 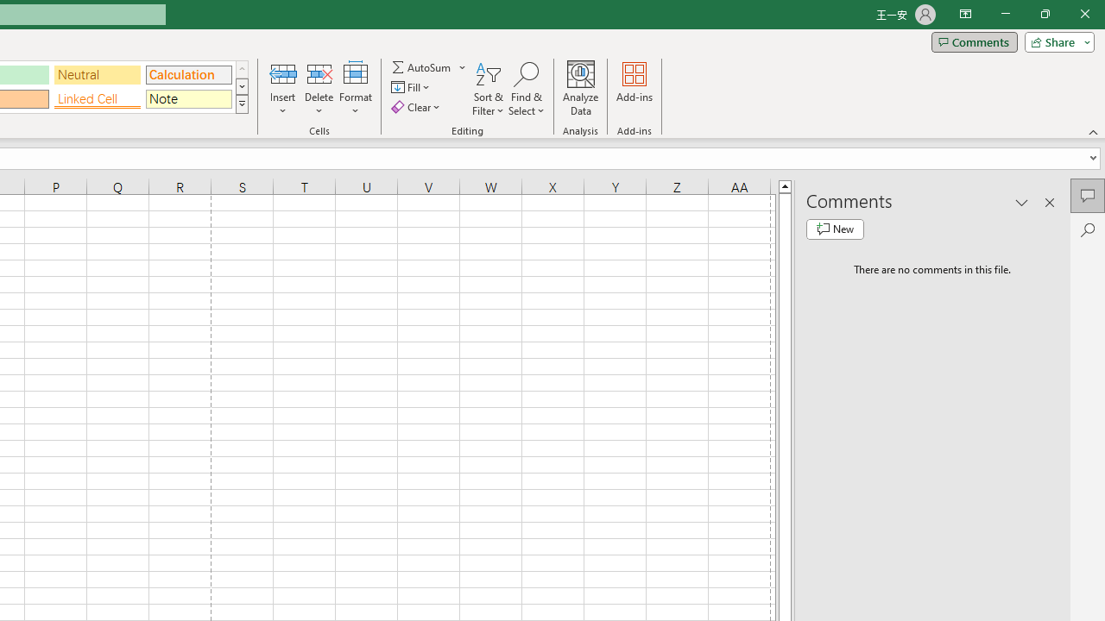 What do you see at coordinates (417, 107) in the screenshot?
I see `'Clear'` at bounding box center [417, 107].